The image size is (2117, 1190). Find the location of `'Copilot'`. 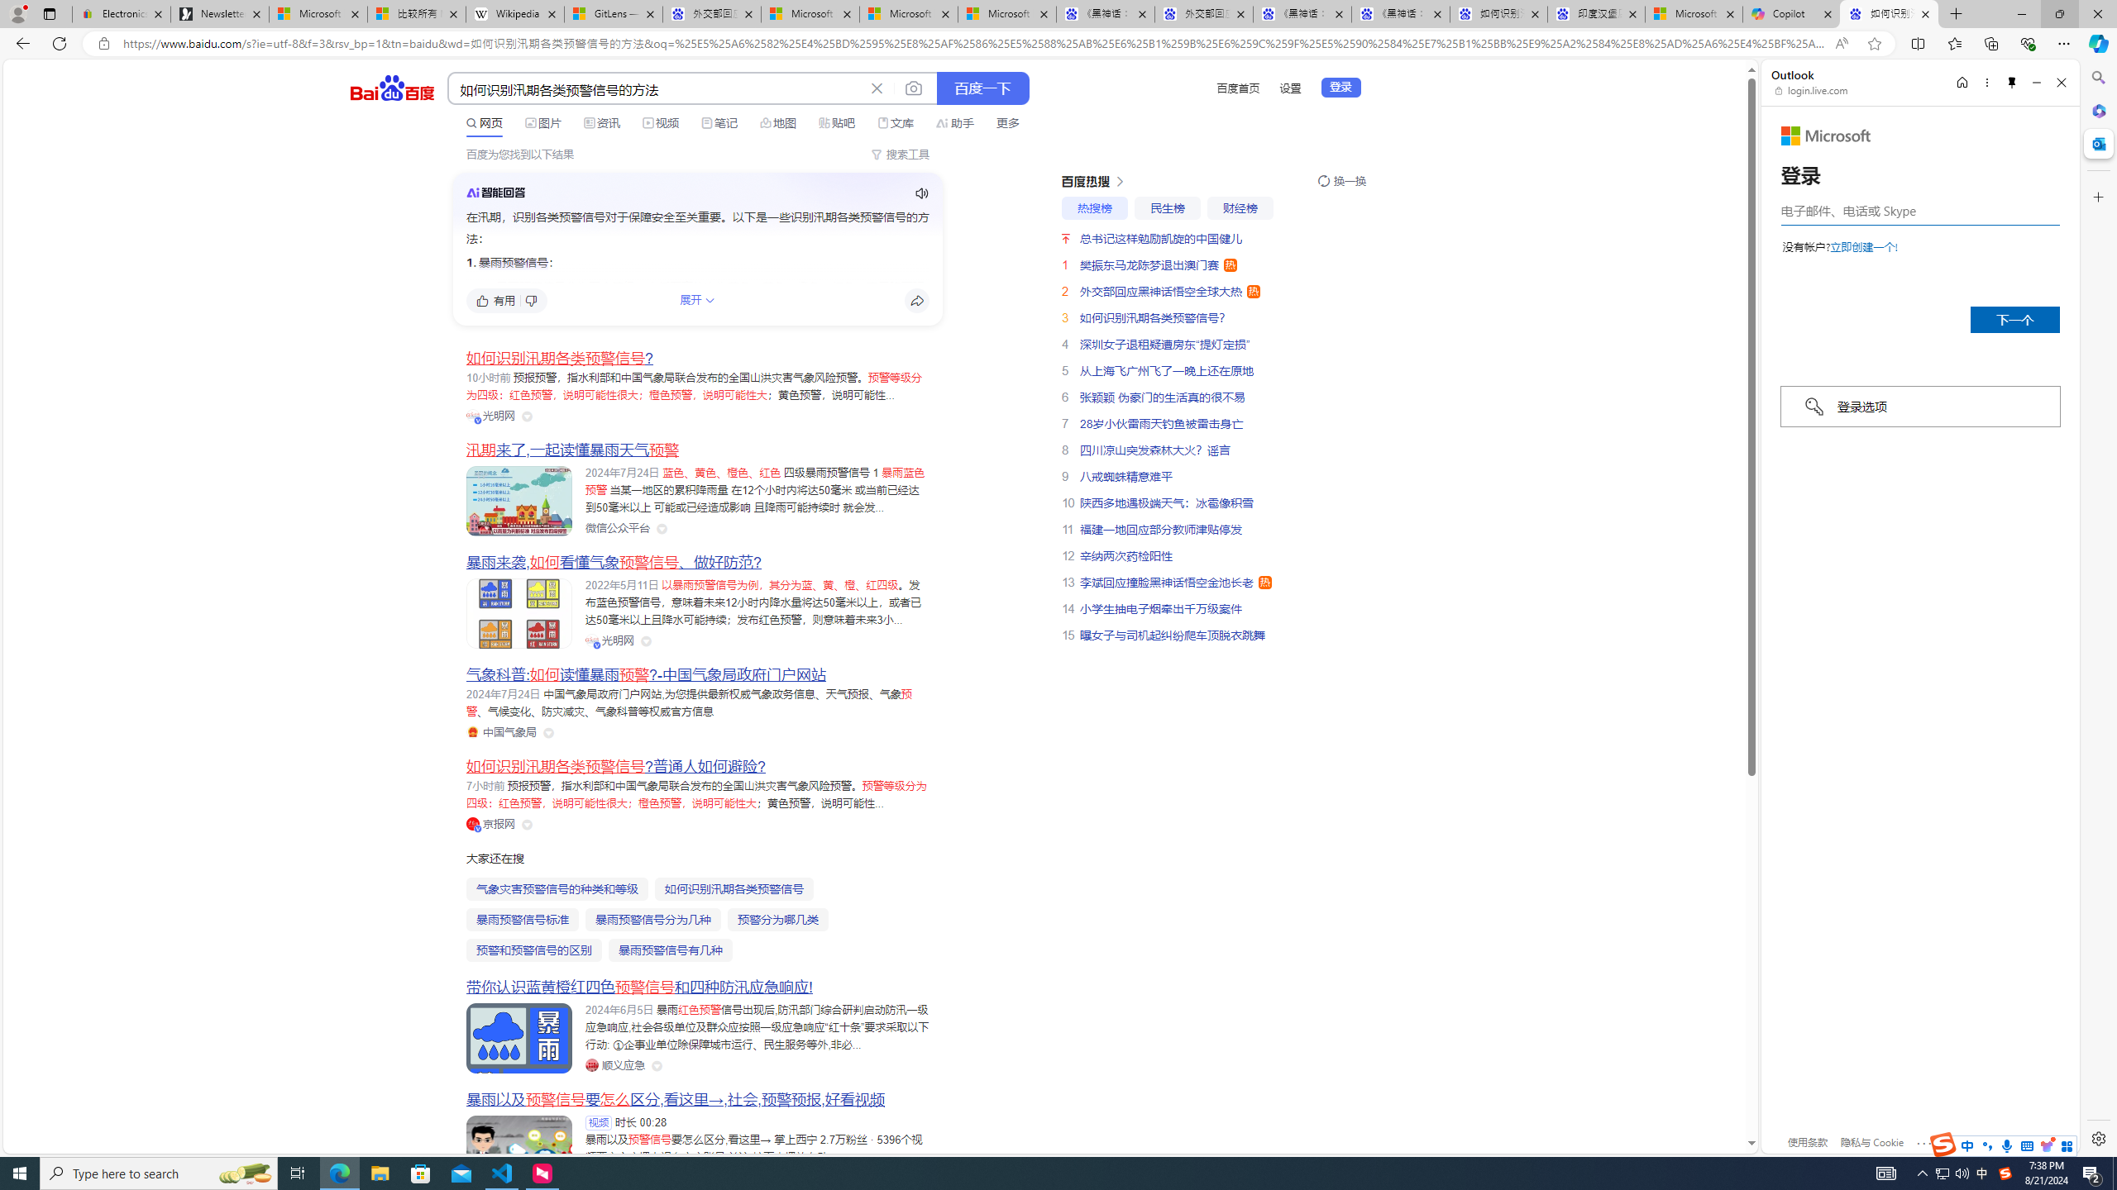

'Copilot' is located at coordinates (1791, 13).